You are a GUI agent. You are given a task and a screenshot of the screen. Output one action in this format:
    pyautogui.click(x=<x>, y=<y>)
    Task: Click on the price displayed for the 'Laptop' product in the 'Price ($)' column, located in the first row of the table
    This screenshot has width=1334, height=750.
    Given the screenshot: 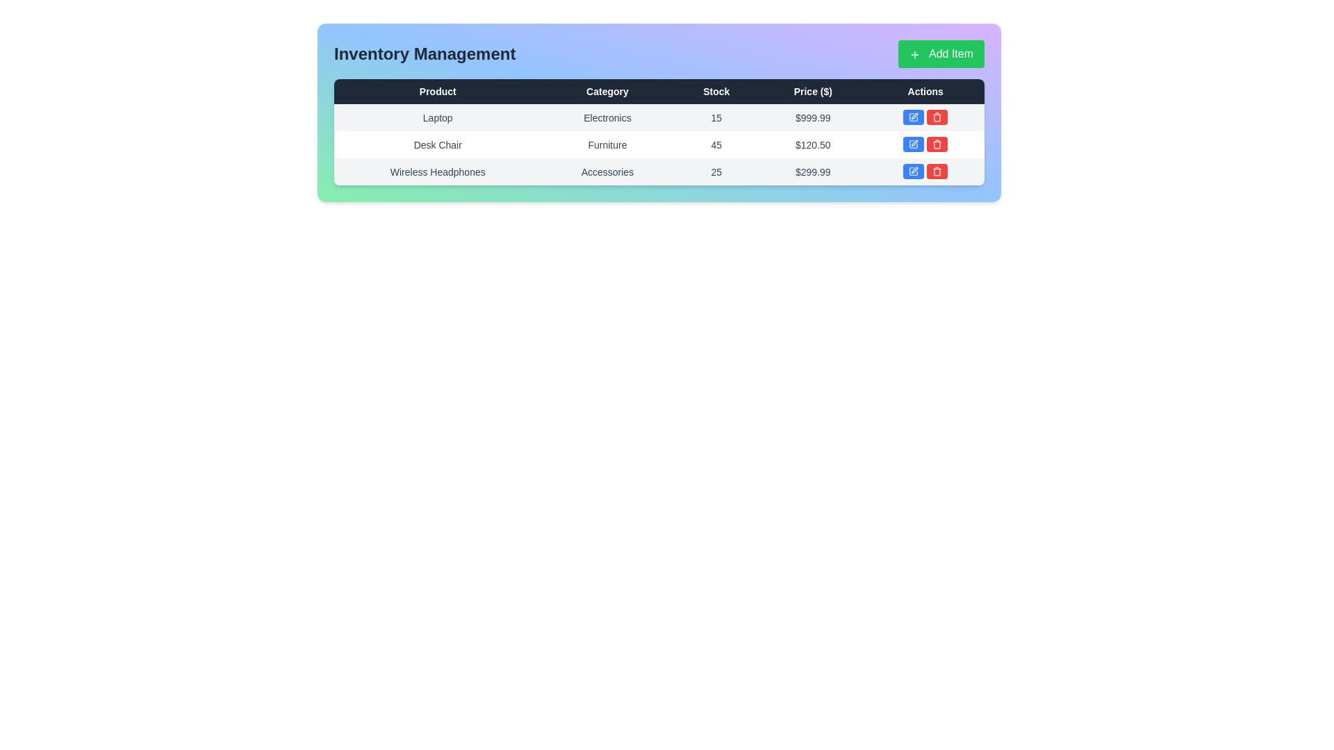 What is the action you would take?
    pyautogui.click(x=813, y=117)
    